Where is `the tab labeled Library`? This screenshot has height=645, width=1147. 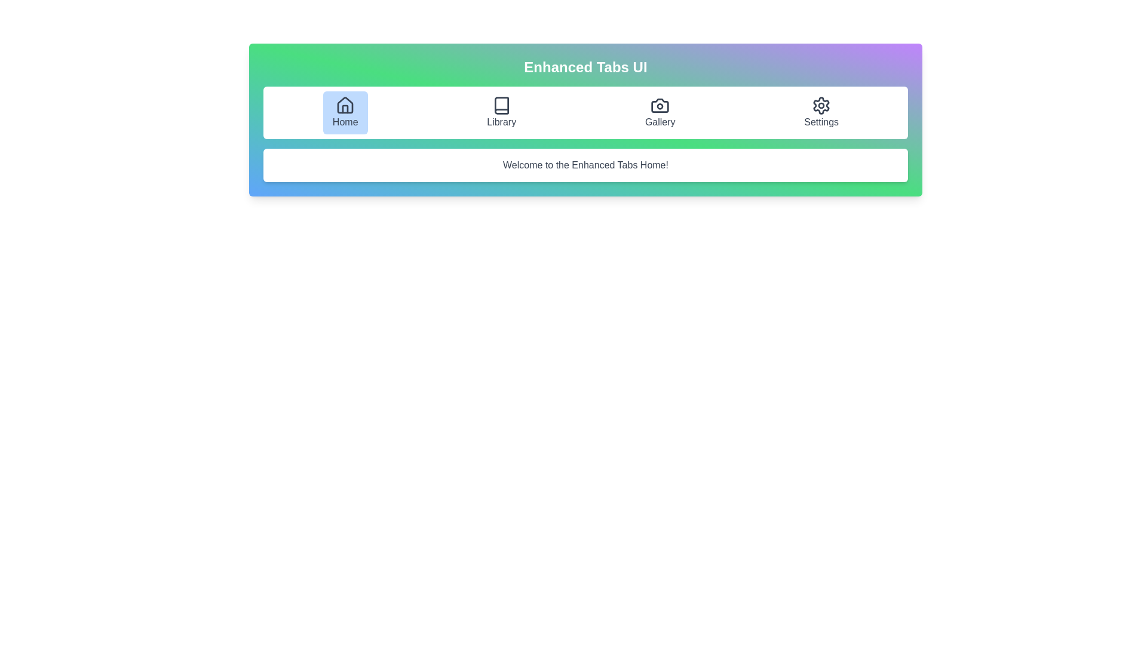
the tab labeled Library is located at coordinates (501, 113).